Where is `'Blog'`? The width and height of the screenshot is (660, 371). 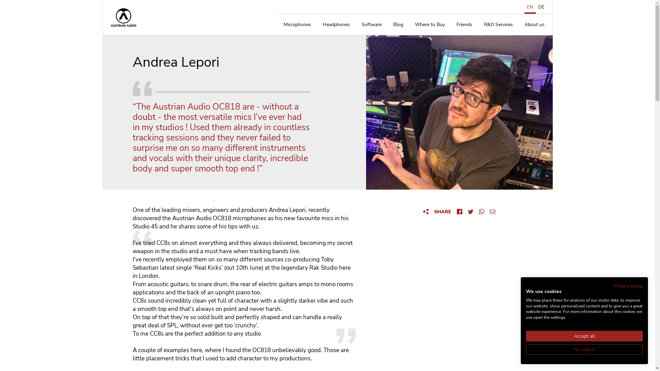
'Blog' is located at coordinates (398, 24).